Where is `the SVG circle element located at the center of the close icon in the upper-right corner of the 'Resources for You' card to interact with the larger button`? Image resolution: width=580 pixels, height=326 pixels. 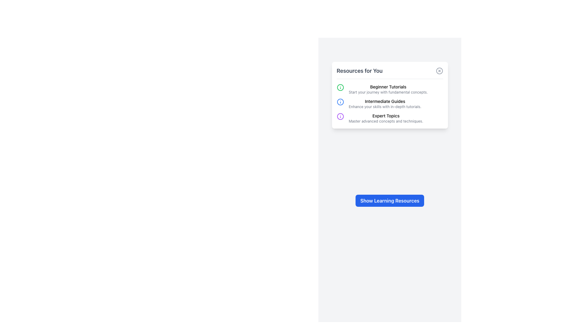
the SVG circle element located at the center of the close icon in the upper-right corner of the 'Resources for You' card to interact with the larger button is located at coordinates (439, 71).